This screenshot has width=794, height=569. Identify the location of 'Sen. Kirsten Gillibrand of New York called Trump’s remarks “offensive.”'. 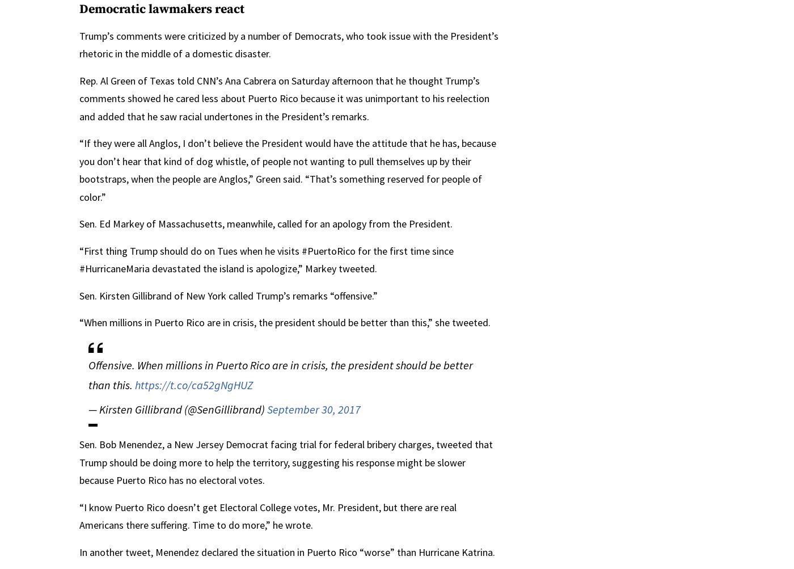
(229, 294).